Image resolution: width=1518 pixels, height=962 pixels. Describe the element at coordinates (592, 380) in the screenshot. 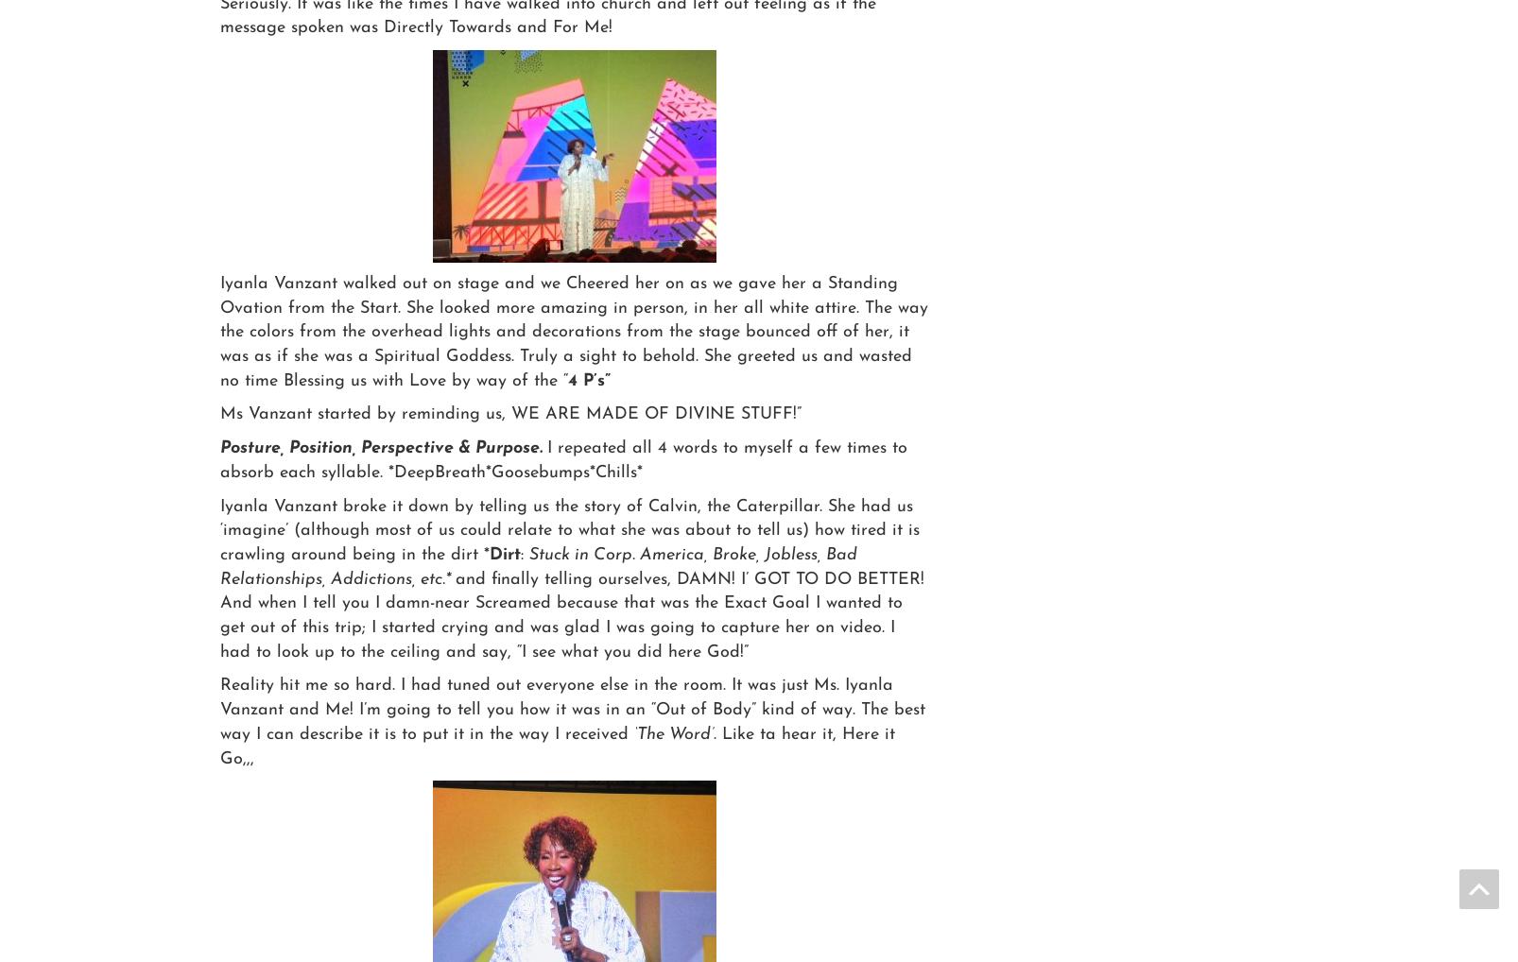

I see `'4 P’s”'` at that location.